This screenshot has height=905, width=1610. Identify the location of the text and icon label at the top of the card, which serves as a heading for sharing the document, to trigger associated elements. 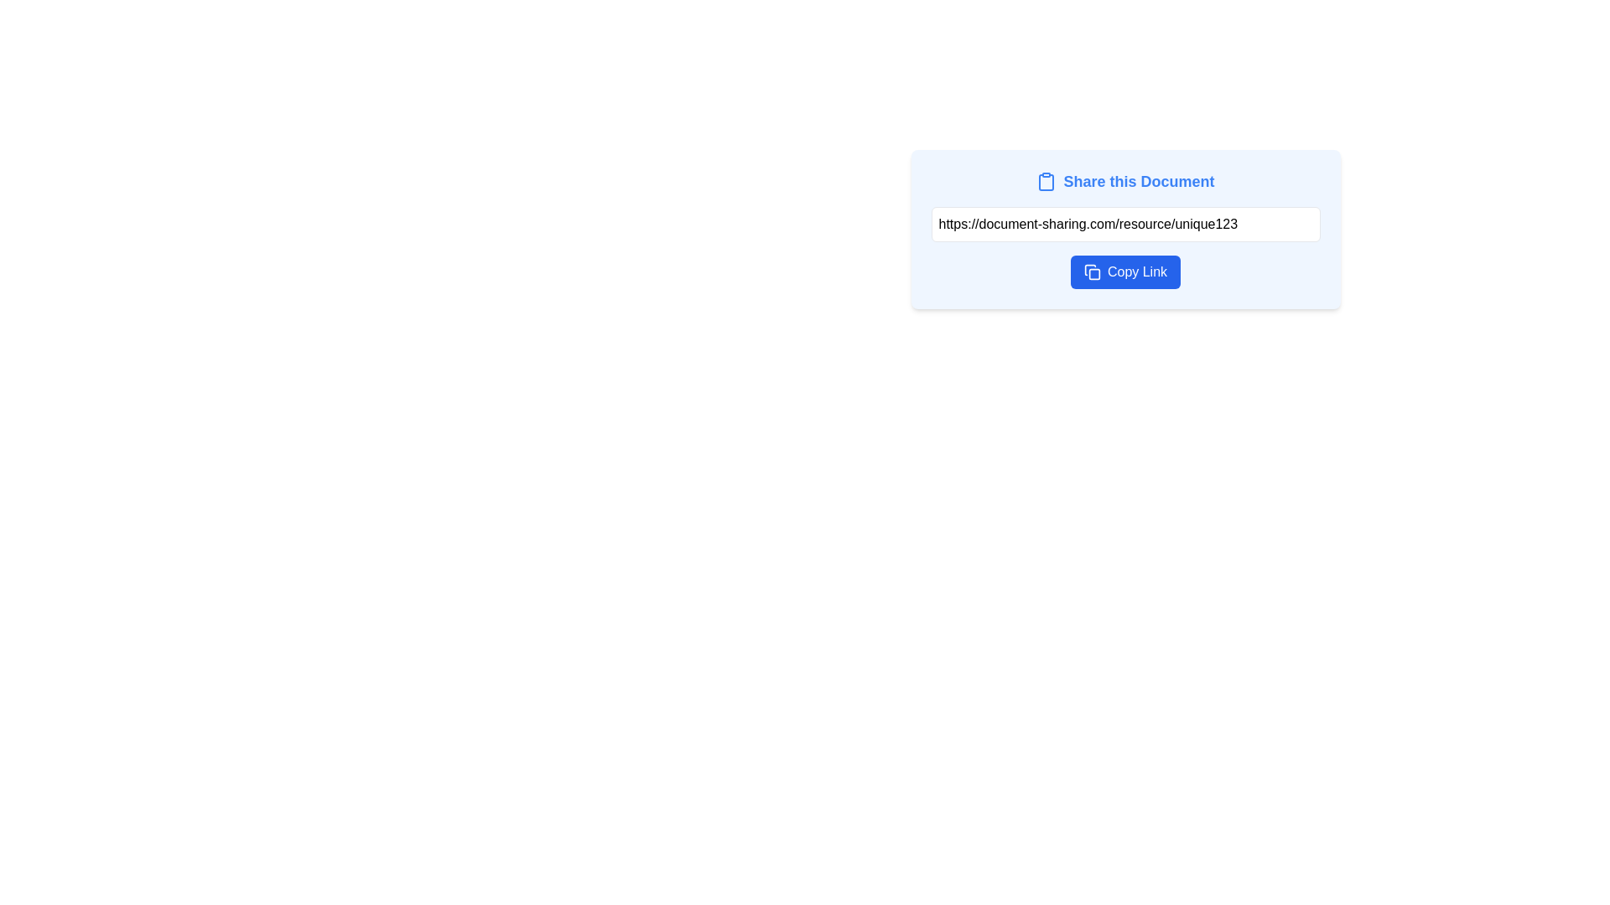
(1125, 181).